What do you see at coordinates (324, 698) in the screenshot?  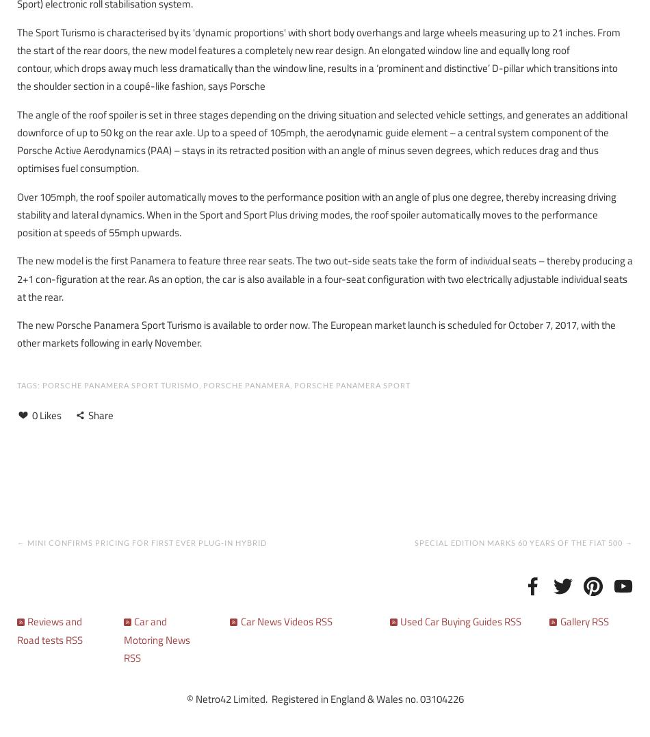 I see `'© Netro42 Limited.  Registered in England & Wales no. 03104226'` at bounding box center [324, 698].